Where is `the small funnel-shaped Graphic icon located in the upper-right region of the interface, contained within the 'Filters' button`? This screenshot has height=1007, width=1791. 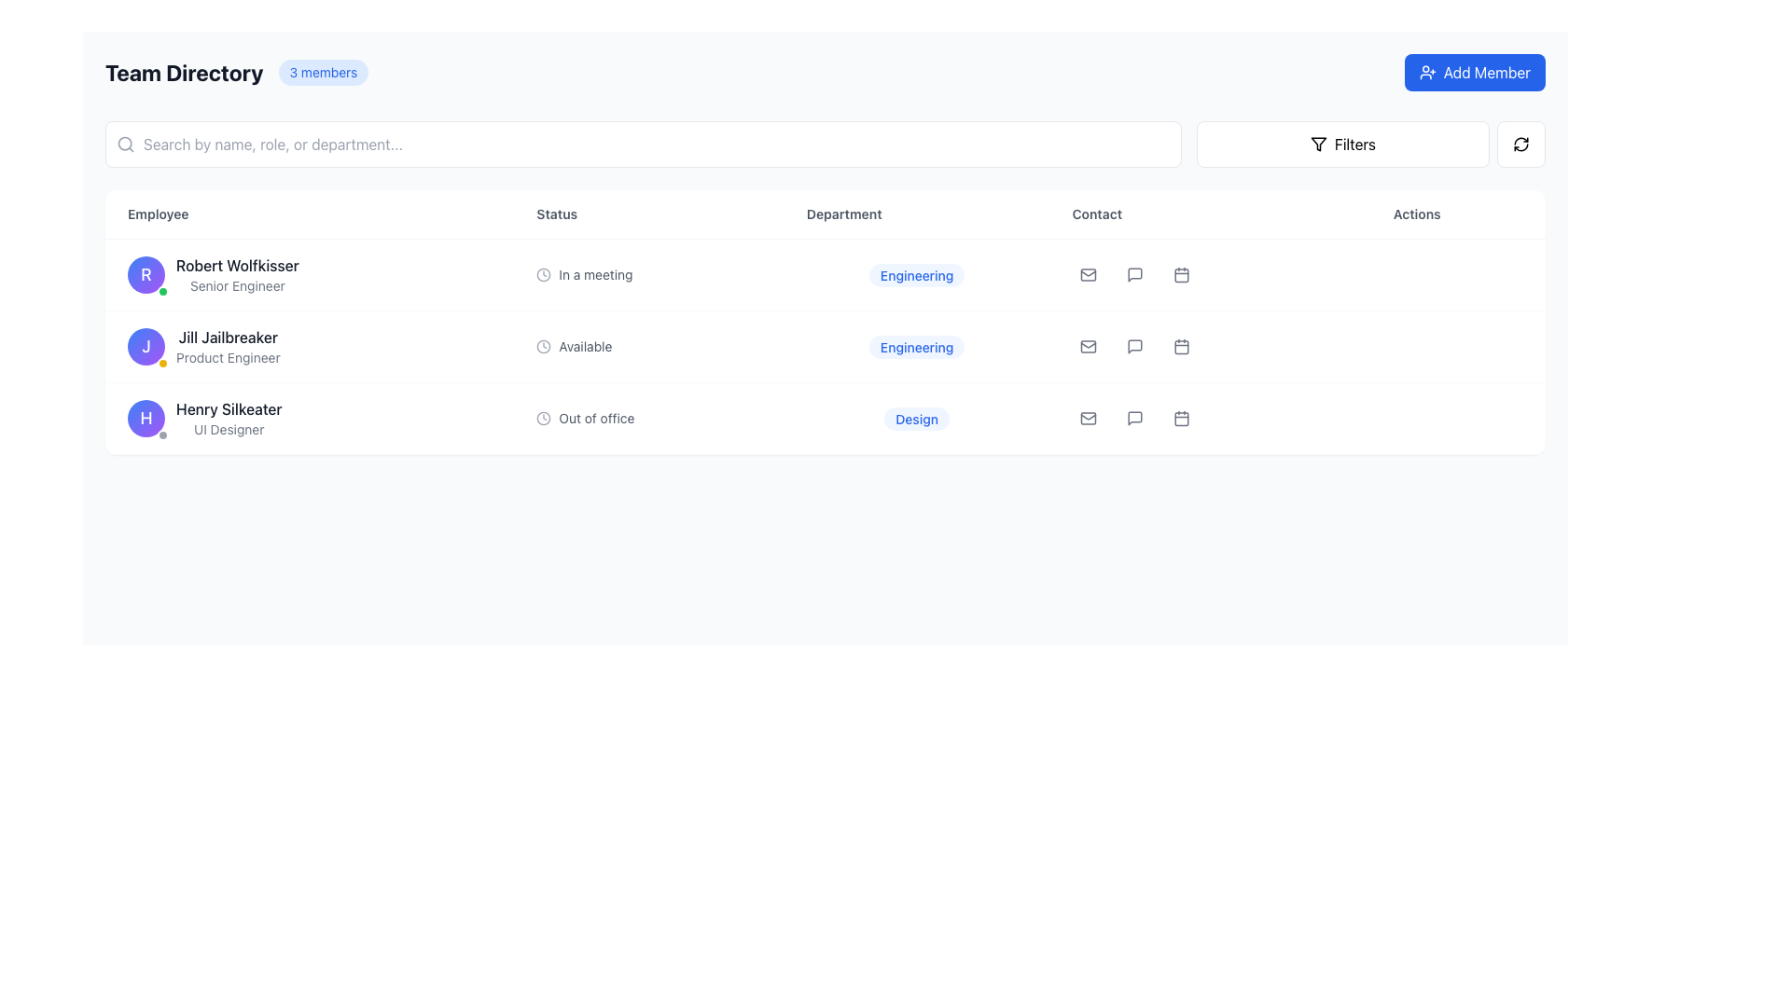 the small funnel-shaped Graphic icon located in the upper-right region of the interface, contained within the 'Filters' button is located at coordinates (1317, 143).